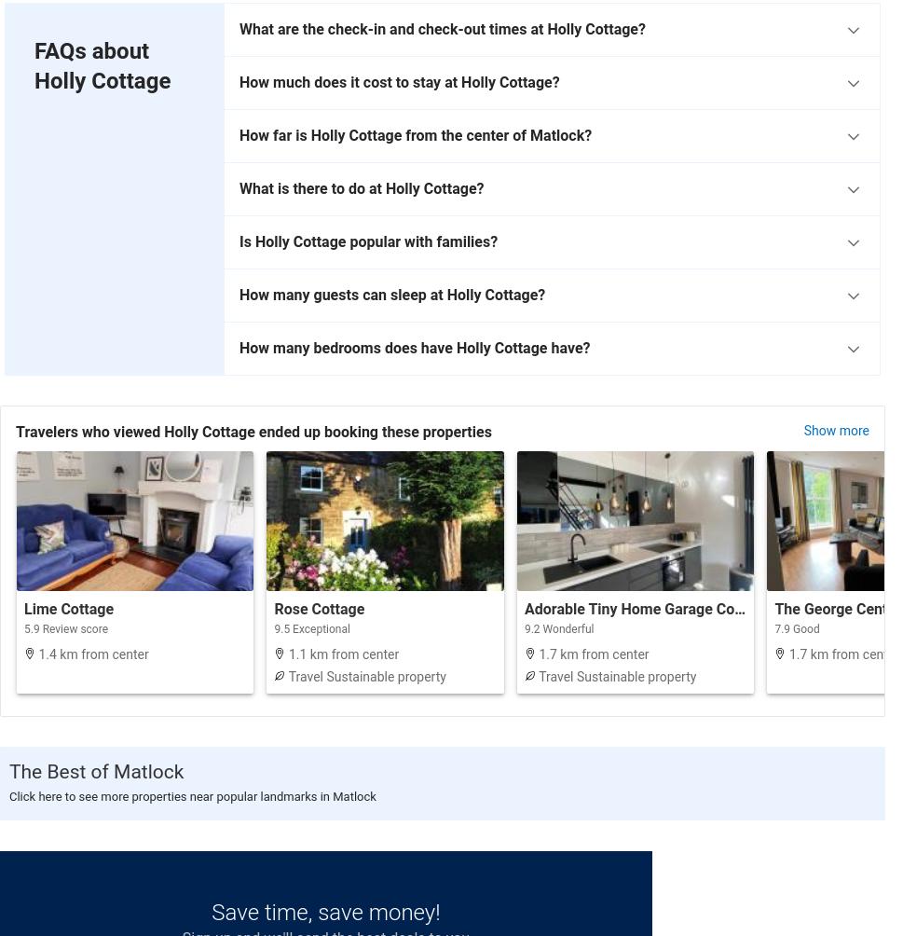  Describe the element at coordinates (310, 626) in the screenshot. I see `'9.5 Exceptional'` at that location.